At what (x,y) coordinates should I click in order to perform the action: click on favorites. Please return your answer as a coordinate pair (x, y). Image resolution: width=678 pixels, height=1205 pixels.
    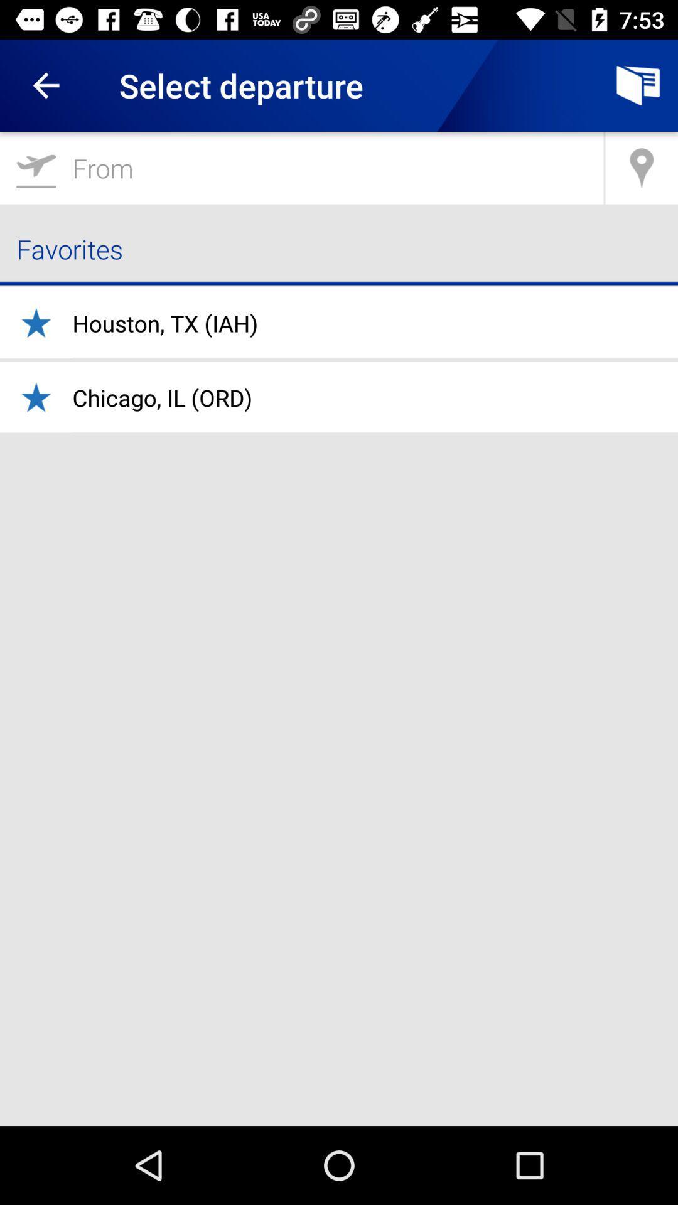
    Looking at the image, I should click on (339, 249).